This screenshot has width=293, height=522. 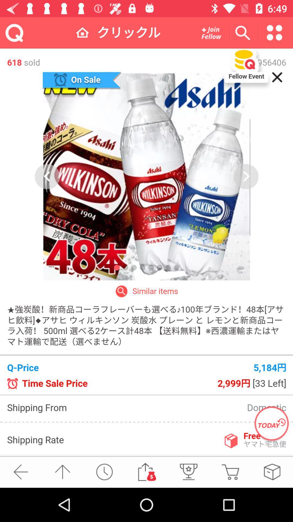 What do you see at coordinates (230, 471) in the screenshot?
I see `the cart icon` at bounding box center [230, 471].